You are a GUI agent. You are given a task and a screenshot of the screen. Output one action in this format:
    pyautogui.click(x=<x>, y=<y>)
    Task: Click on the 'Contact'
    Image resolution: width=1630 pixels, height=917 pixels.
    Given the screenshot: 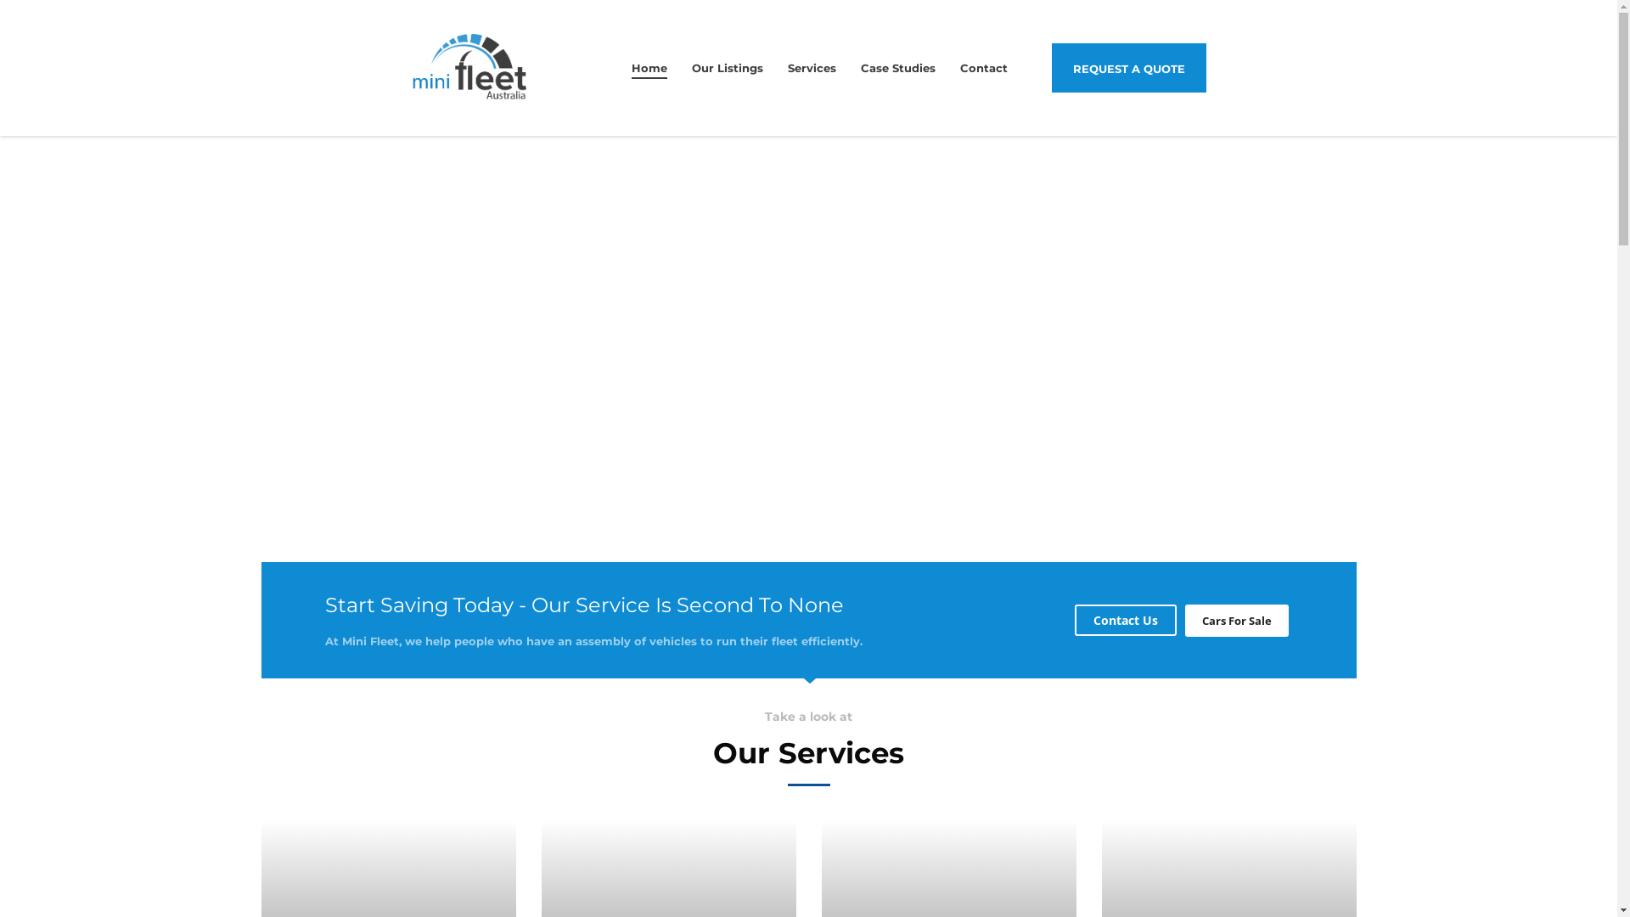 What is the action you would take?
    pyautogui.click(x=983, y=67)
    